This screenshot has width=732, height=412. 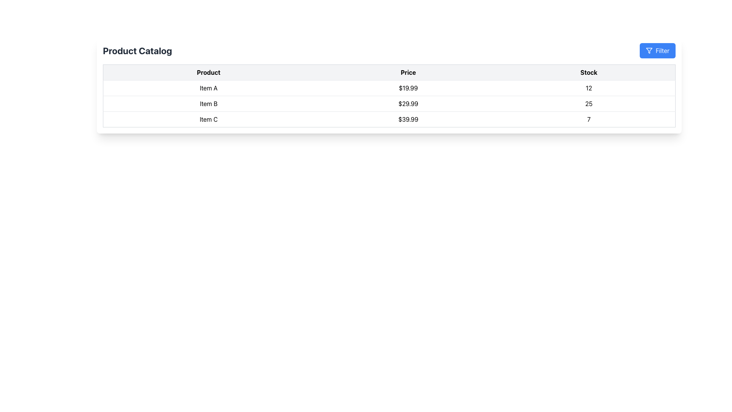 I want to click on the static text header indicating 'Price' in the product catalog table, which is located in the second column of the header, so click(x=408, y=72).